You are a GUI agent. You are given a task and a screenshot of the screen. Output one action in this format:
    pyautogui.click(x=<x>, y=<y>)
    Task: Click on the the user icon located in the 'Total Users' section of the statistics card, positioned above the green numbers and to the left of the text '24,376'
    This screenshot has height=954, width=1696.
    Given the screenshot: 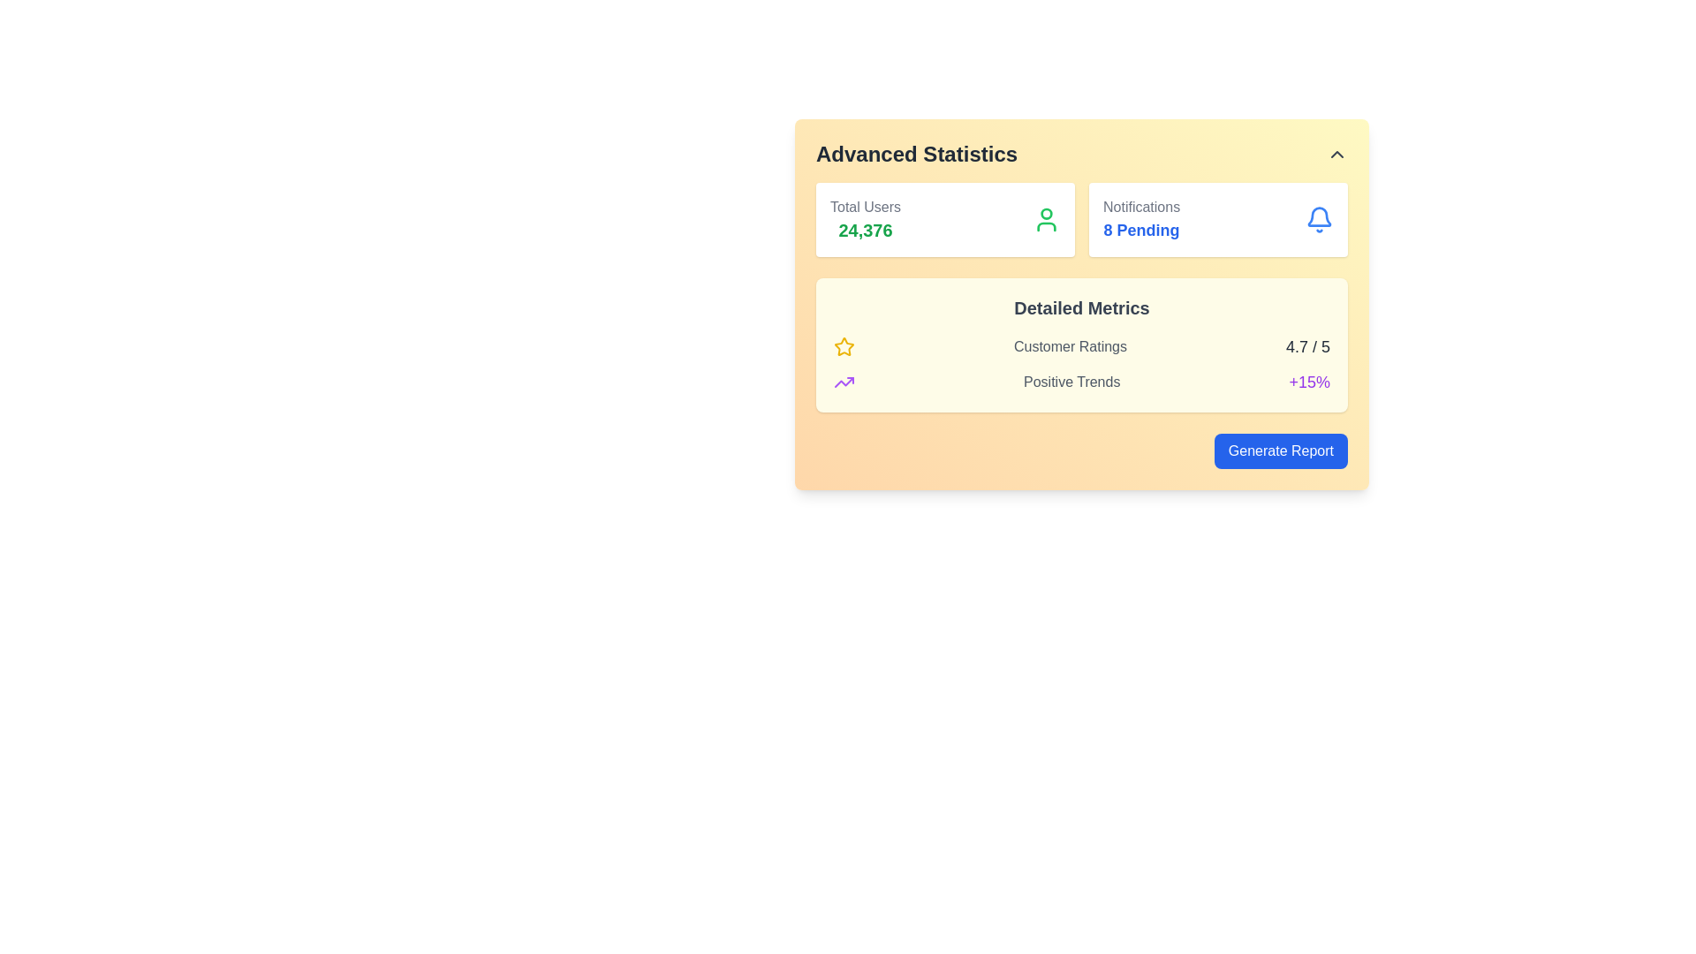 What is the action you would take?
    pyautogui.click(x=1047, y=226)
    